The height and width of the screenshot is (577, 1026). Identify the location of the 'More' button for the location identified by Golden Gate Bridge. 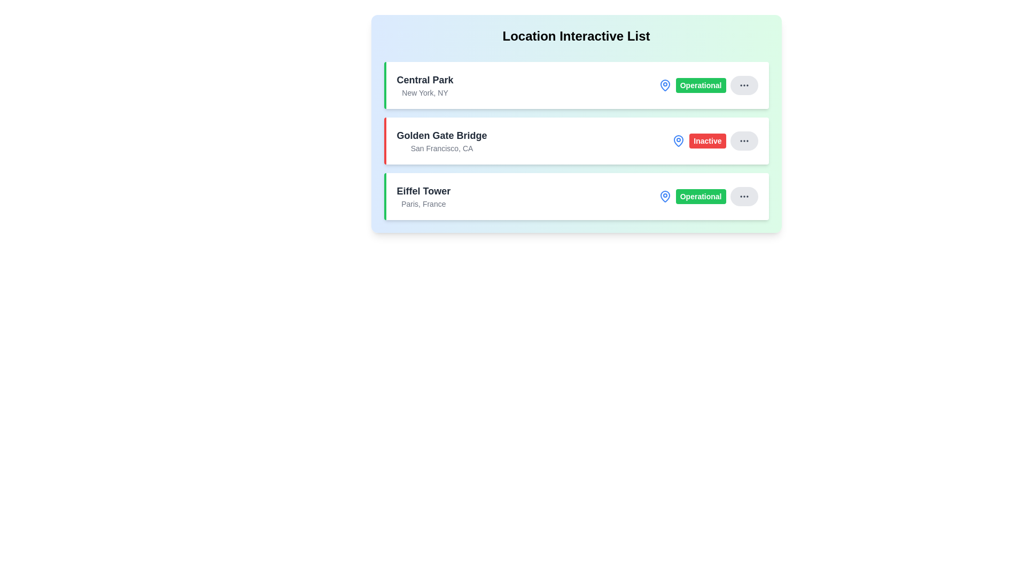
(743, 140).